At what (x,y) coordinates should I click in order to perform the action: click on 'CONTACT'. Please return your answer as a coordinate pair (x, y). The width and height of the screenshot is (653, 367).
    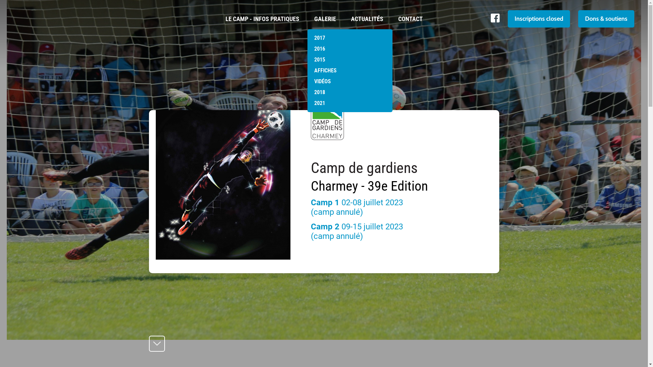
    Looking at the image, I should click on (409, 14).